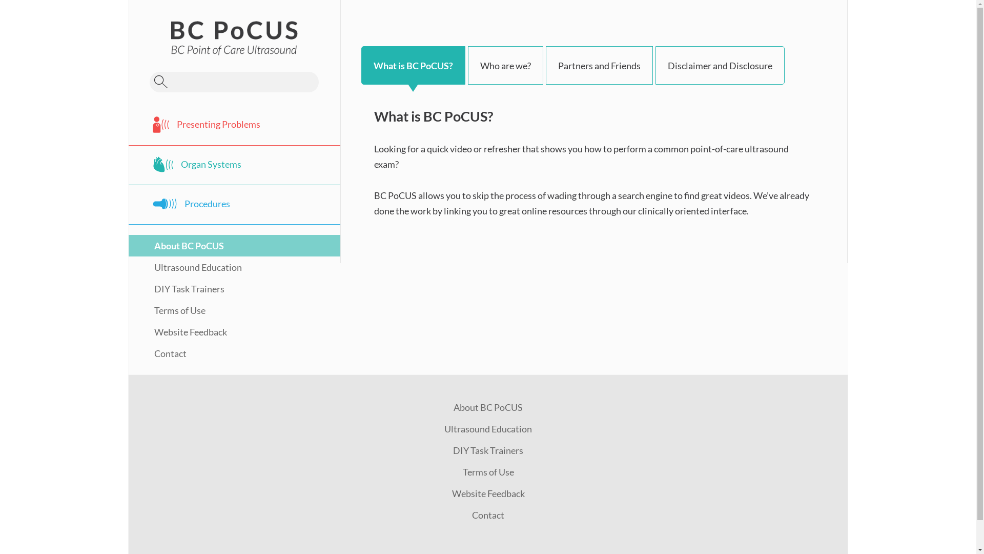 This screenshot has width=984, height=554. What do you see at coordinates (176, 289) in the screenshot?
I see `'DIY Task Trainers'` at bounding box center [176, 289].